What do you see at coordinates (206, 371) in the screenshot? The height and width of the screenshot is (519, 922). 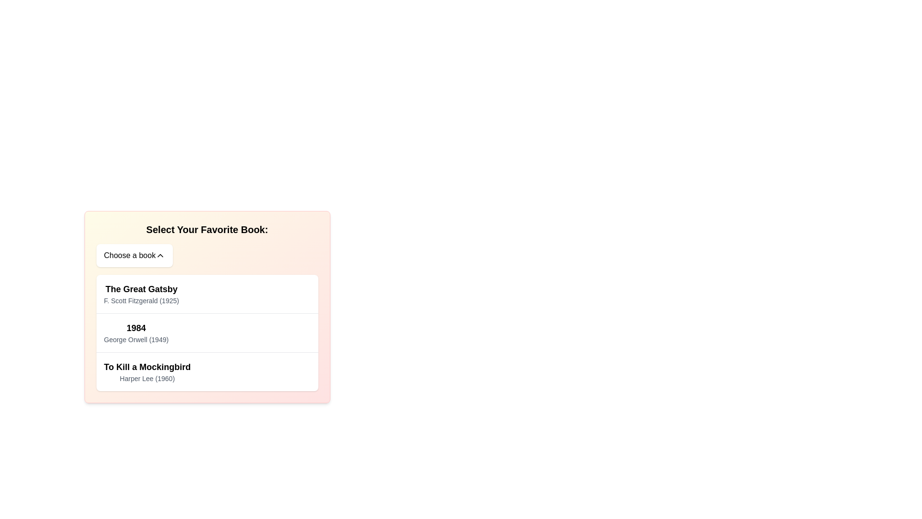 I see `the list item displaying the book title 'To Kill a Mockingbird' by 'Harper Lee (1960)'` at bounding box center [206, 371].